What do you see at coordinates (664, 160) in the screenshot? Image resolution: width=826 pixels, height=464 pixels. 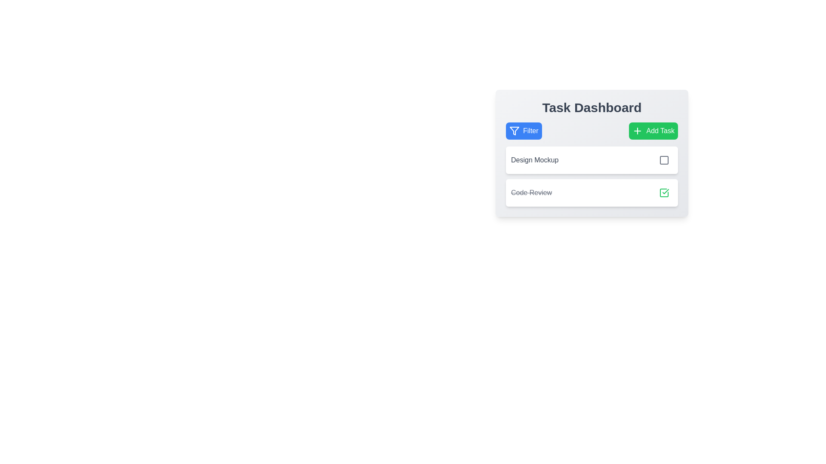 I see `the interactive control resembling a checkbox or button located to the far right of the row containing the 'Design Mockup' text` at bounding box center [664, 160].